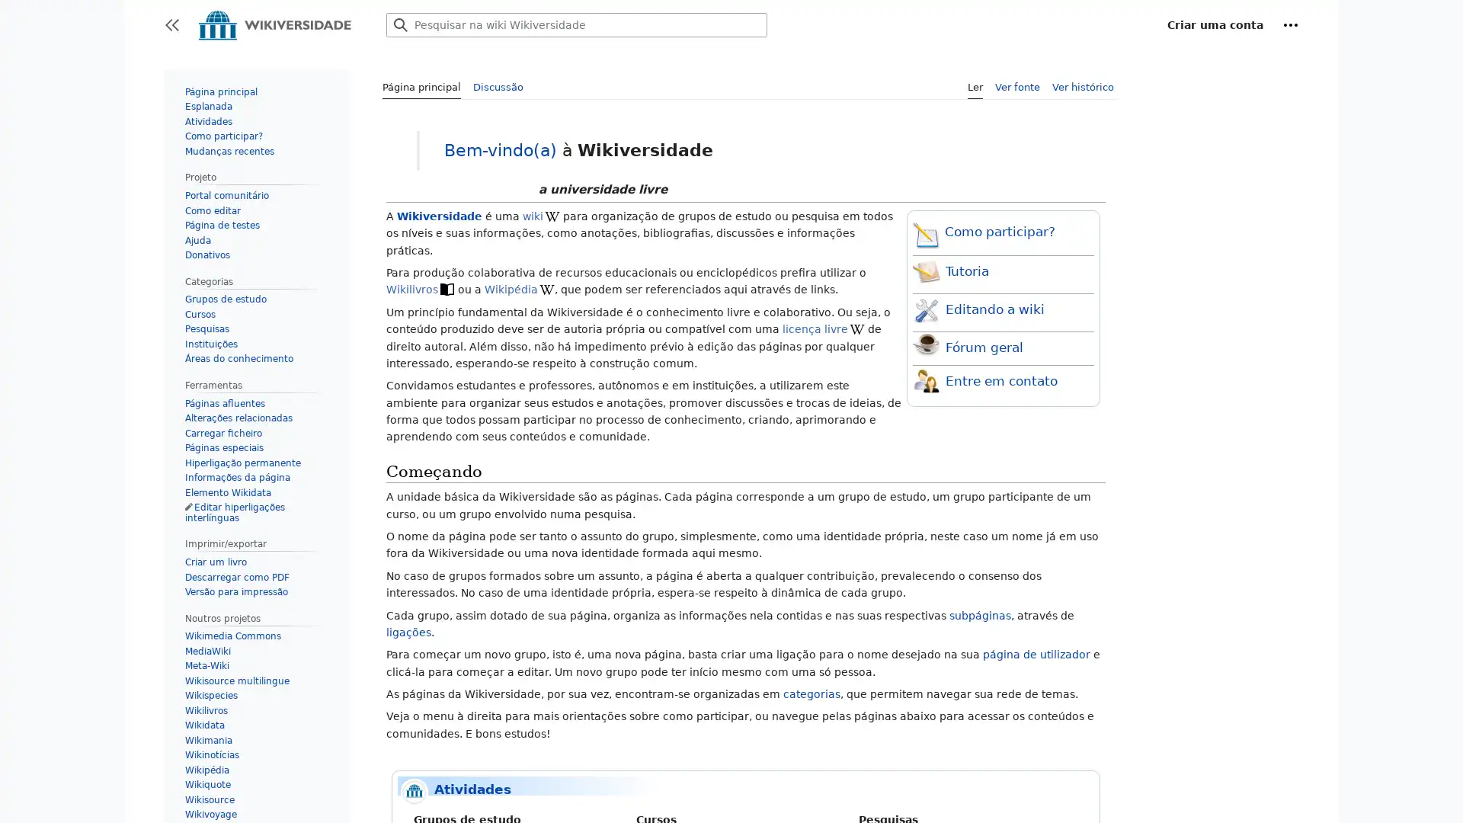  What do you see at coordinates (401, 25) in the screenshot?
I see `Pesquisar` at bounding box center [401, 25].